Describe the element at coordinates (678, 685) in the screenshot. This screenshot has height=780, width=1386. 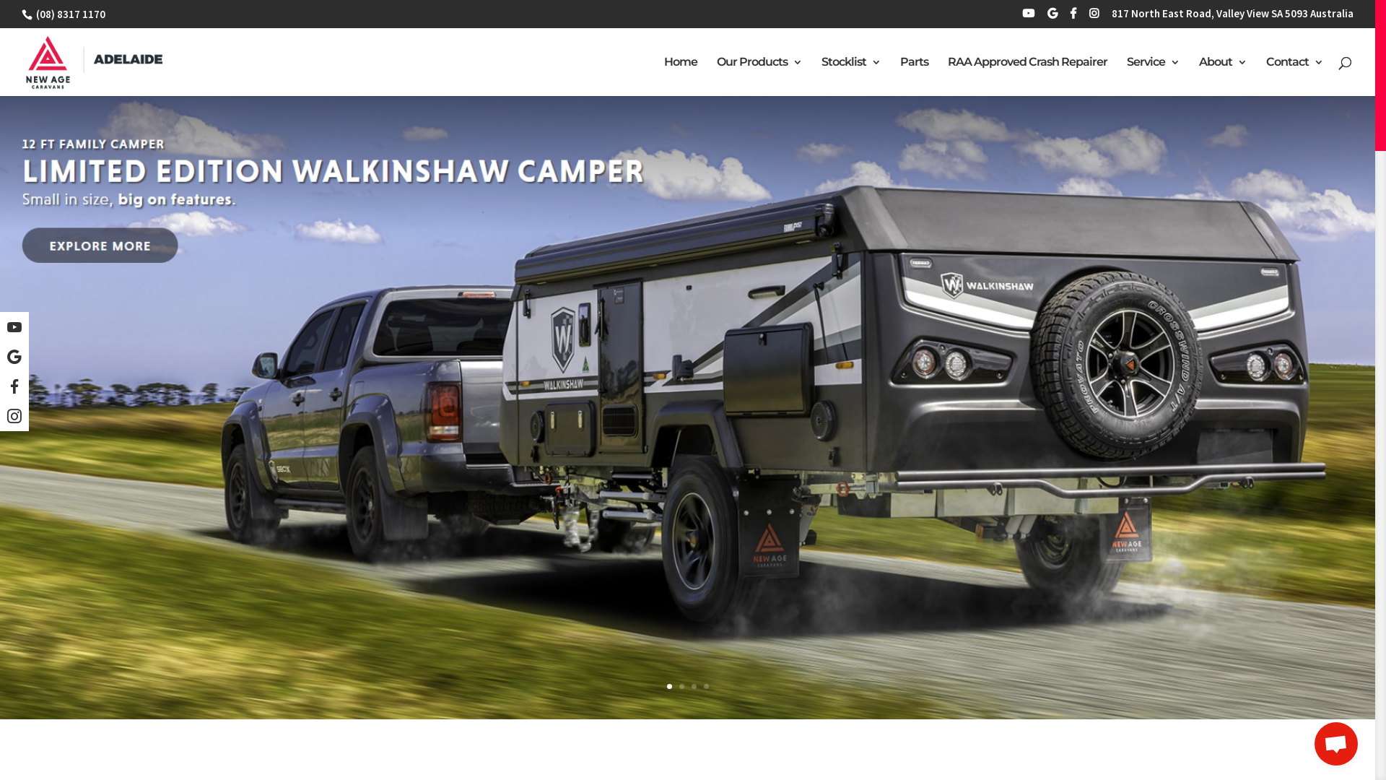
I see `'2'` at that location.